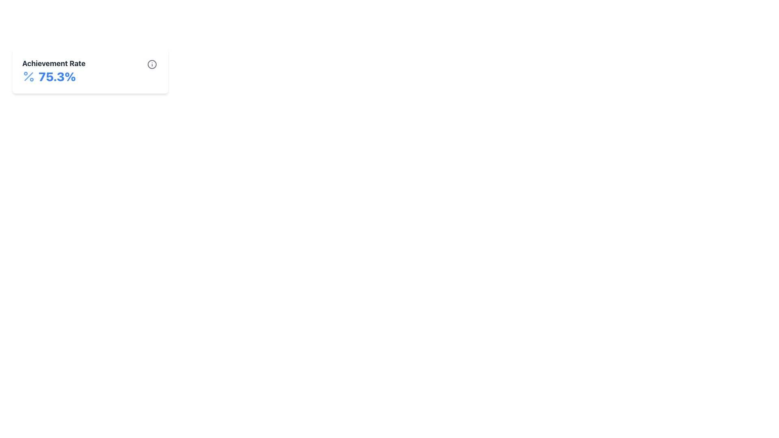  Describe the element at coordinates (152, 64) in the screenshot. I see `the gray circular icon with a vertical line and dot` at that location.